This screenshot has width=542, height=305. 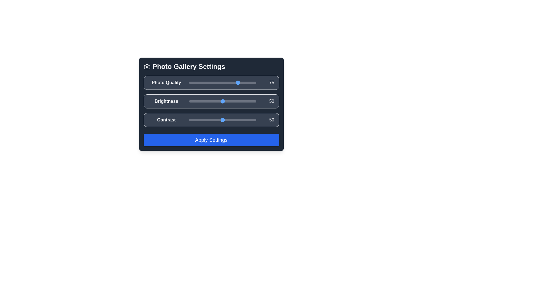 What do you see at coordinates (223, 119) in the screenshot?
I see `the contrast` at bounding box center [223, 119].